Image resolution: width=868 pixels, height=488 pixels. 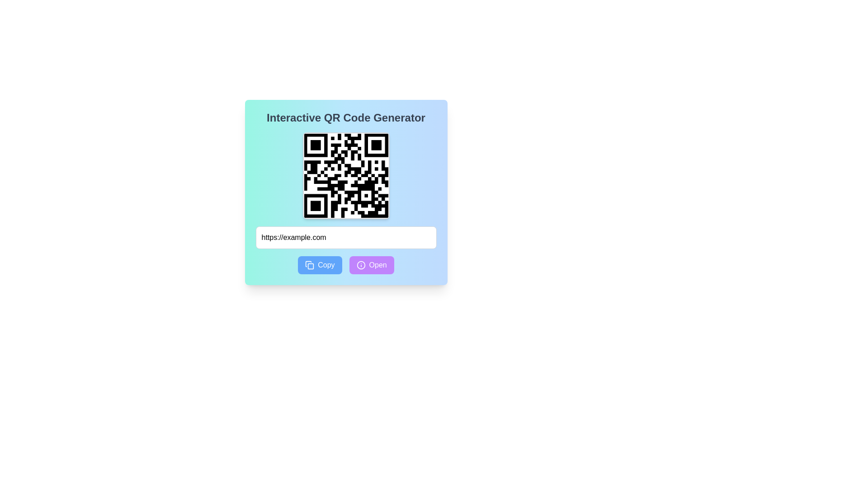 I want to click on the informational icon located to the left of the 'Open' text label within the 'Open' button, so click(x=360, y=264).